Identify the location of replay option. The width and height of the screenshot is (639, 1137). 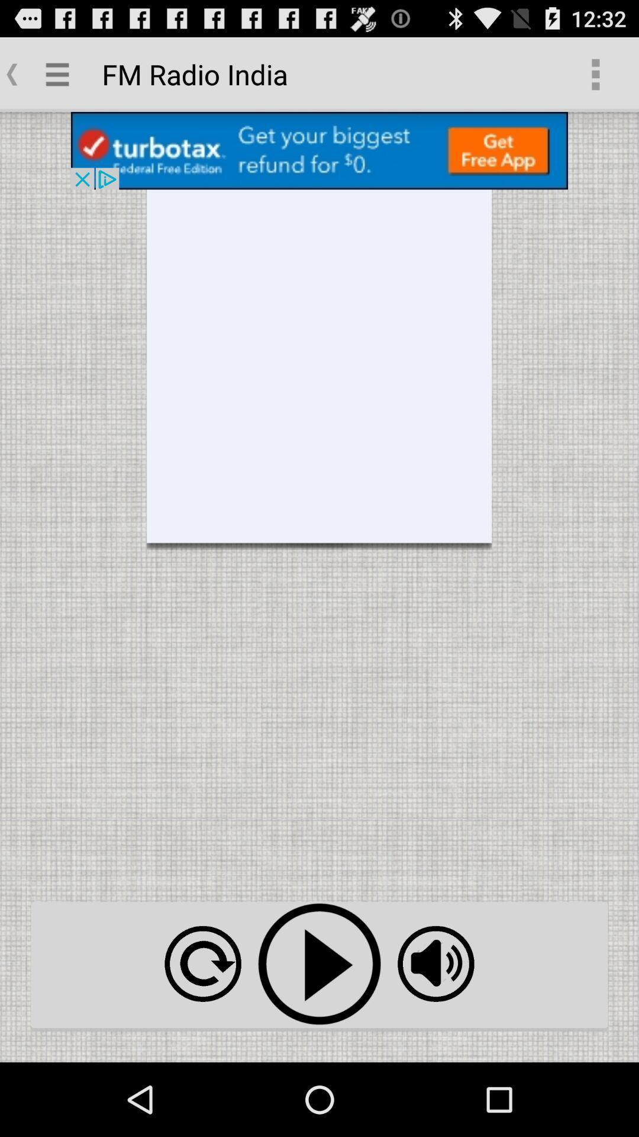
(202, 963).